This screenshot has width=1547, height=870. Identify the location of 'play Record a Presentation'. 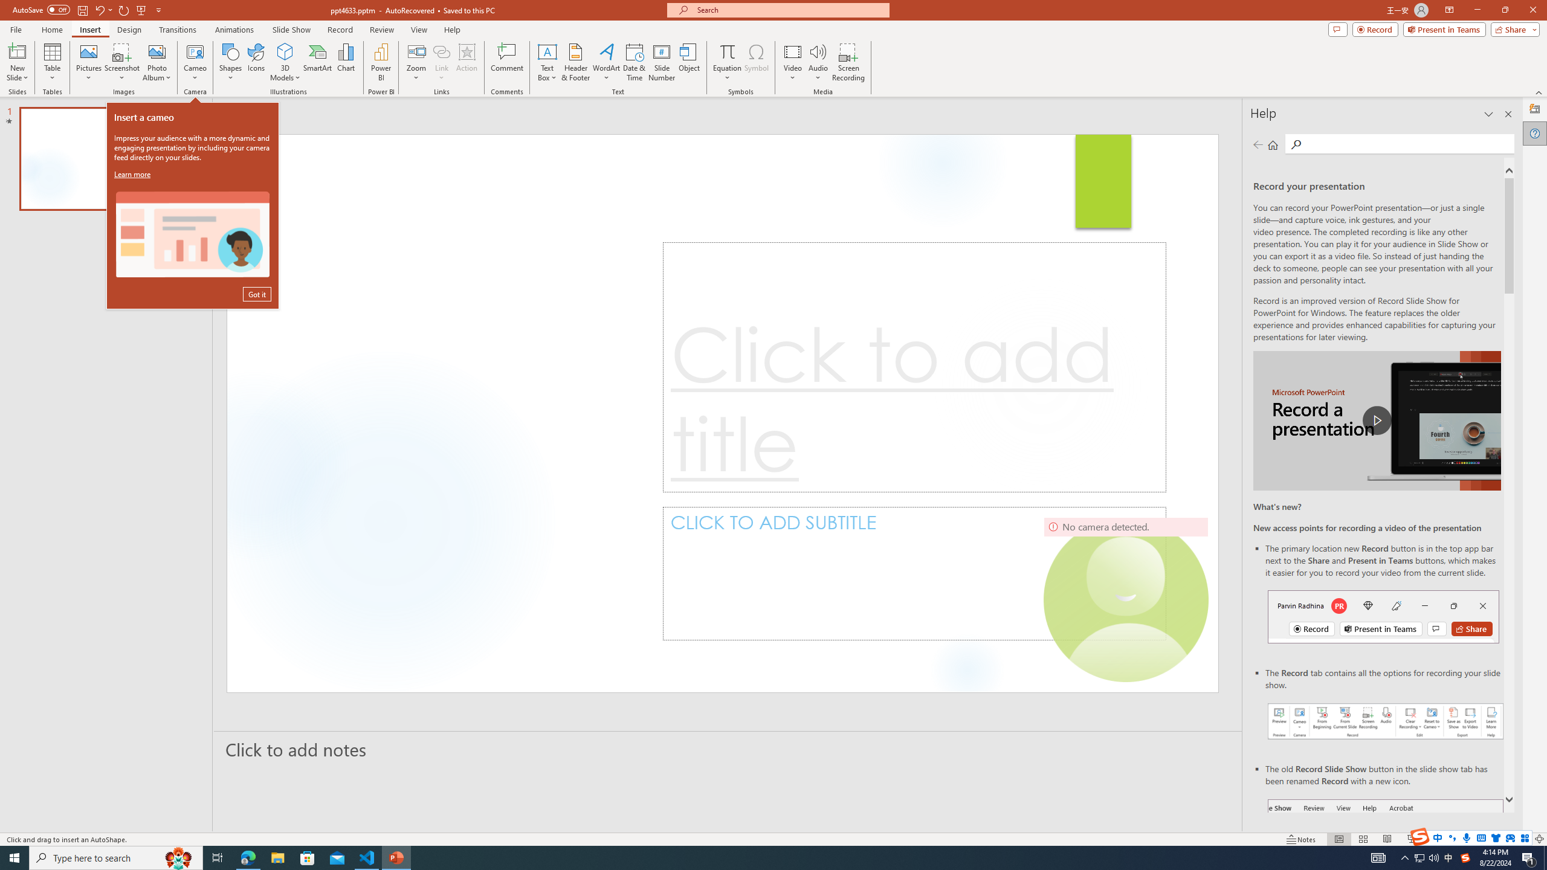
(1377, 420).